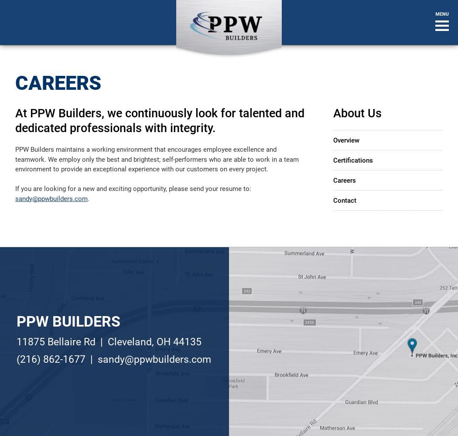  Describe the element at coordinates (68, 320) in the screenshot. I see `'PPW Builders'` at that location.